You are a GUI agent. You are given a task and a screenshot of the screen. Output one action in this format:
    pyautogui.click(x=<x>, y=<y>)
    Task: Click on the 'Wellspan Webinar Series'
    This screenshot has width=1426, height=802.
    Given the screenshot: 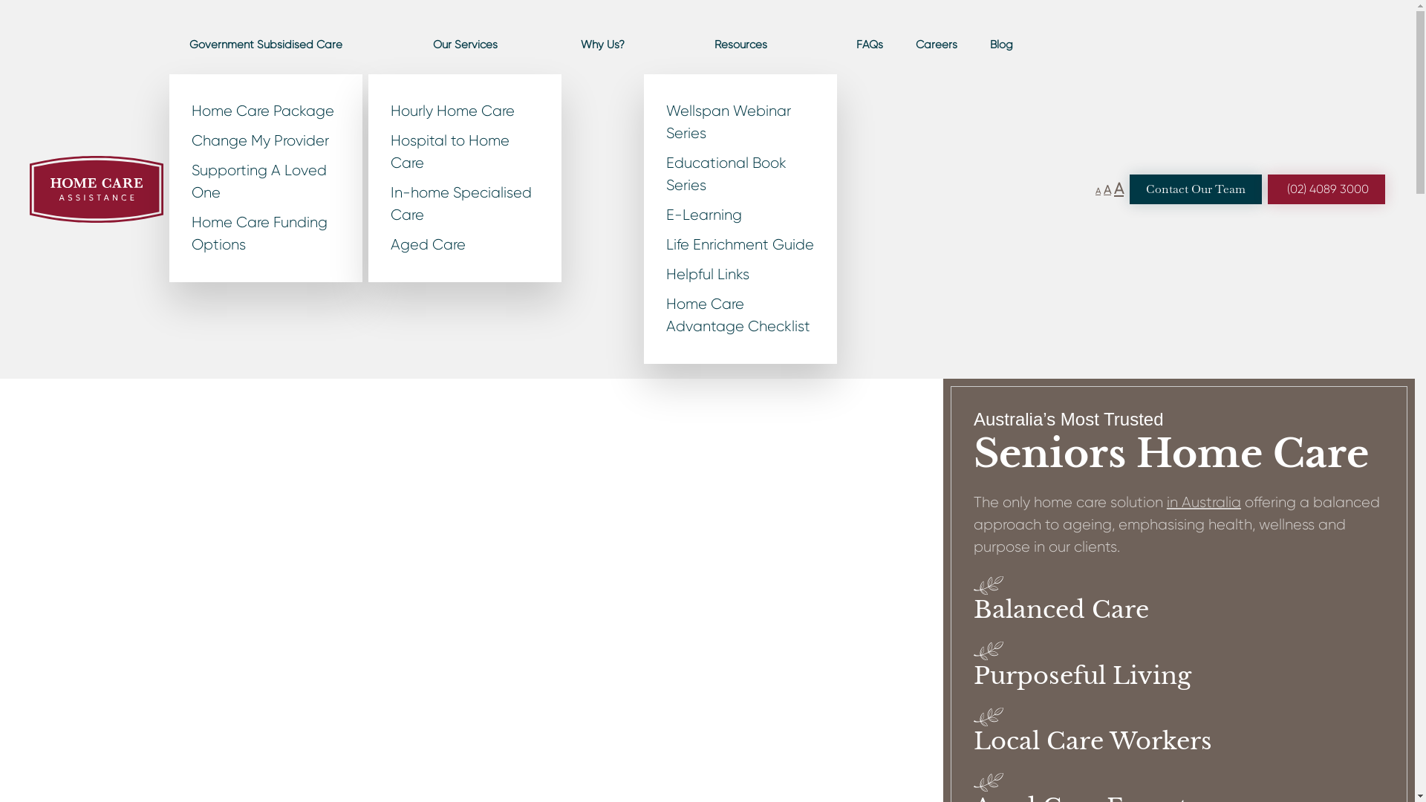 What is the action you would take?
    pyautogui.click(x=740, y=122)
    